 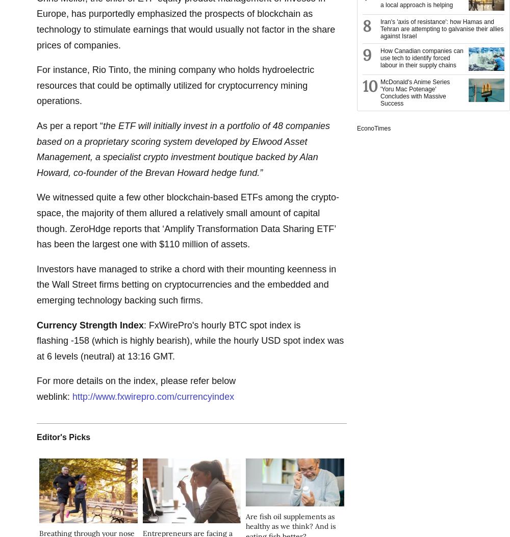 I want to click on 'For instance, Rio Tinto, the mining company who holds hydroelectric resources that could be optimally utilized for cryptocurrency mining operations.', so click(x=175, y=85).